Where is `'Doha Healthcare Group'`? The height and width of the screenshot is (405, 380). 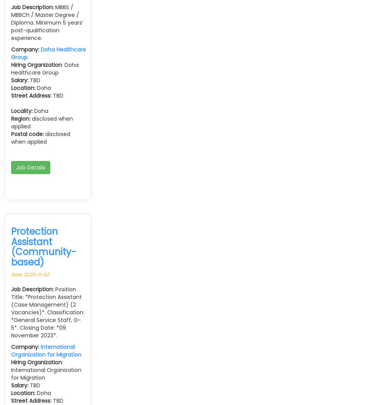 'Doha Healthcare Group' is located at coordinates (48, 53).